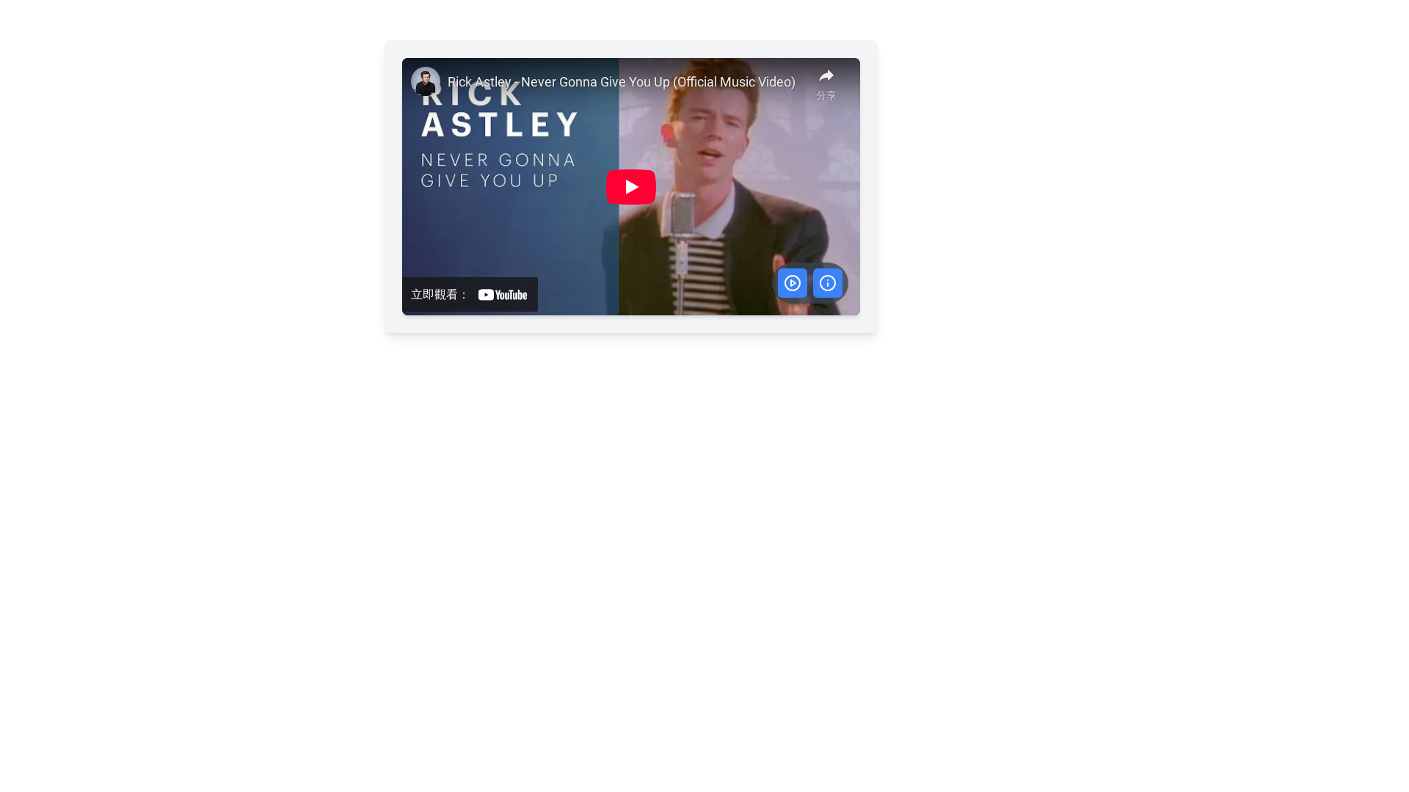  What do you see at coordinates (791, 282) in the screenshot?
I see `the circular outline of the play button icon located on the right side of the video thumbnail` at bounding box center [791, 282].